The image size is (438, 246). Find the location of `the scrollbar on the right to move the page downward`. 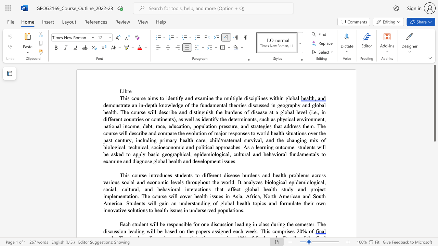

the scrollbar on the right to move the page downward is located at coordinates (434, 195).